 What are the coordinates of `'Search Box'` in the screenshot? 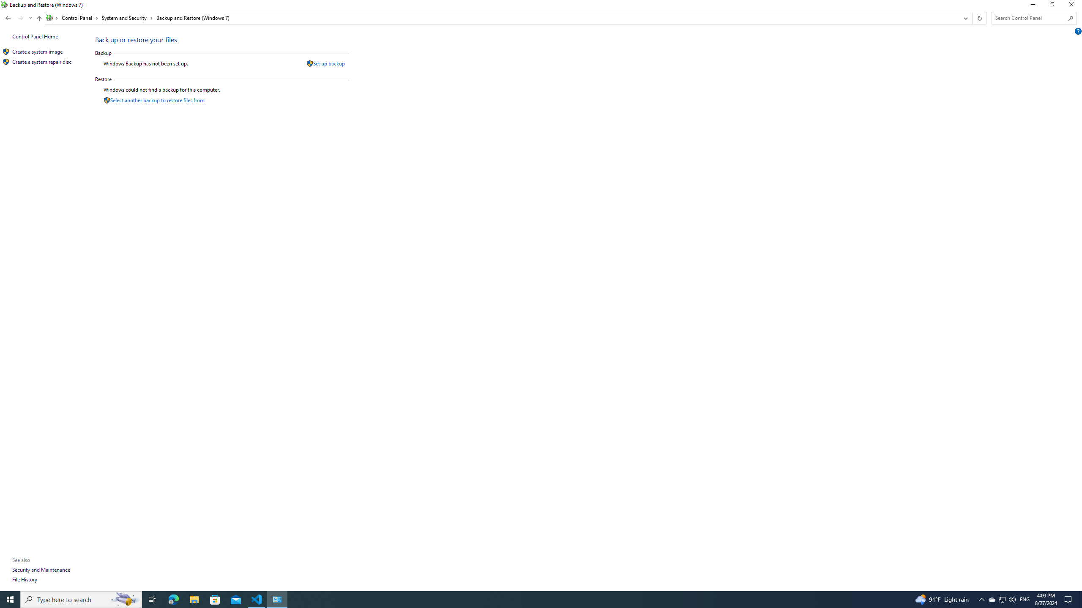 It's located at (1030, 18).